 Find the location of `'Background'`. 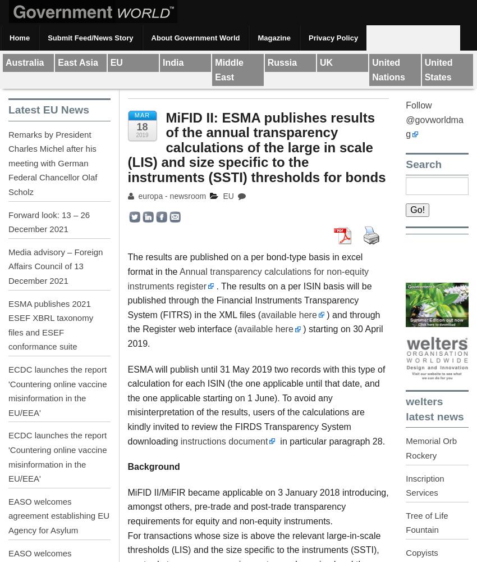

'Background' is located at coordinates (127, 466).